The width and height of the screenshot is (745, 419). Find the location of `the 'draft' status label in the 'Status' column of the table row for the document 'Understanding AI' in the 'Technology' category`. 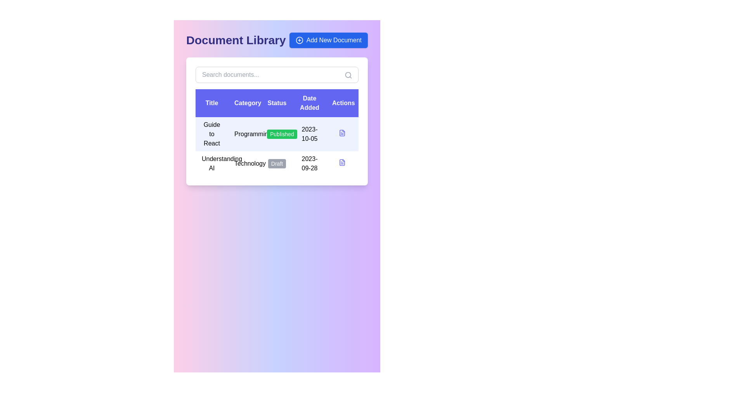

the 'draft' status label in the 'Status' column of the table row for the document 'Understanding AI' in the 'Technology' category is located at coordinates (277, 163).